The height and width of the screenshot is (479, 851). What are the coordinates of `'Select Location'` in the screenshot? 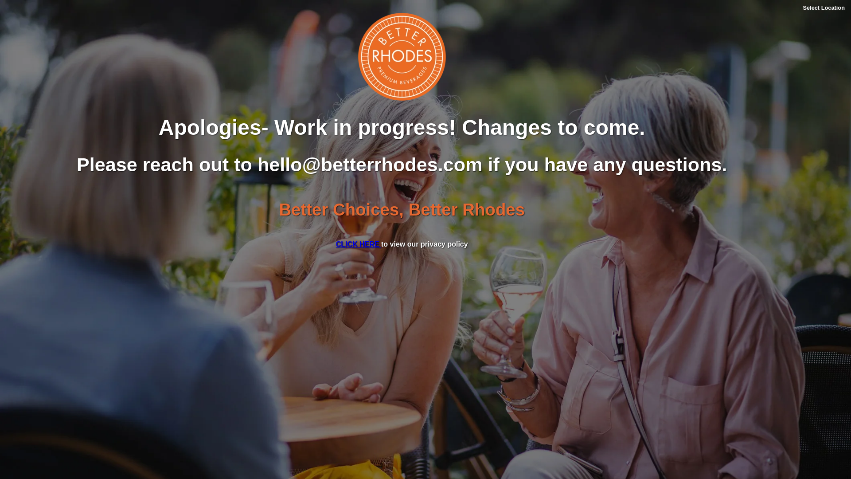 It's located at (823, 8).